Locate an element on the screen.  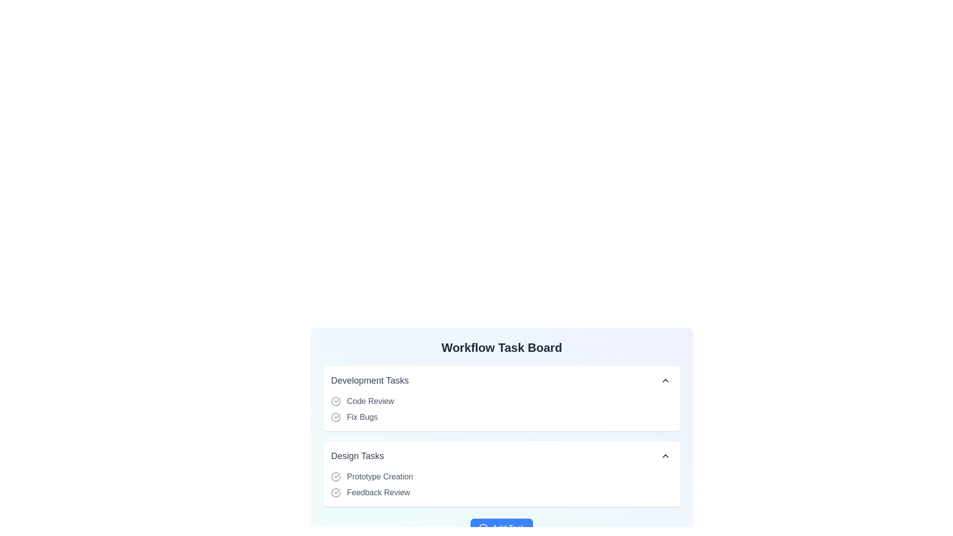
the circular vector graphic element, which is part of the SVG icon and located to the left of the 'Feedback Review' label in the 'Design Tasks' section of the 'Workflow Task Board' is located at coordinates (336, 492).